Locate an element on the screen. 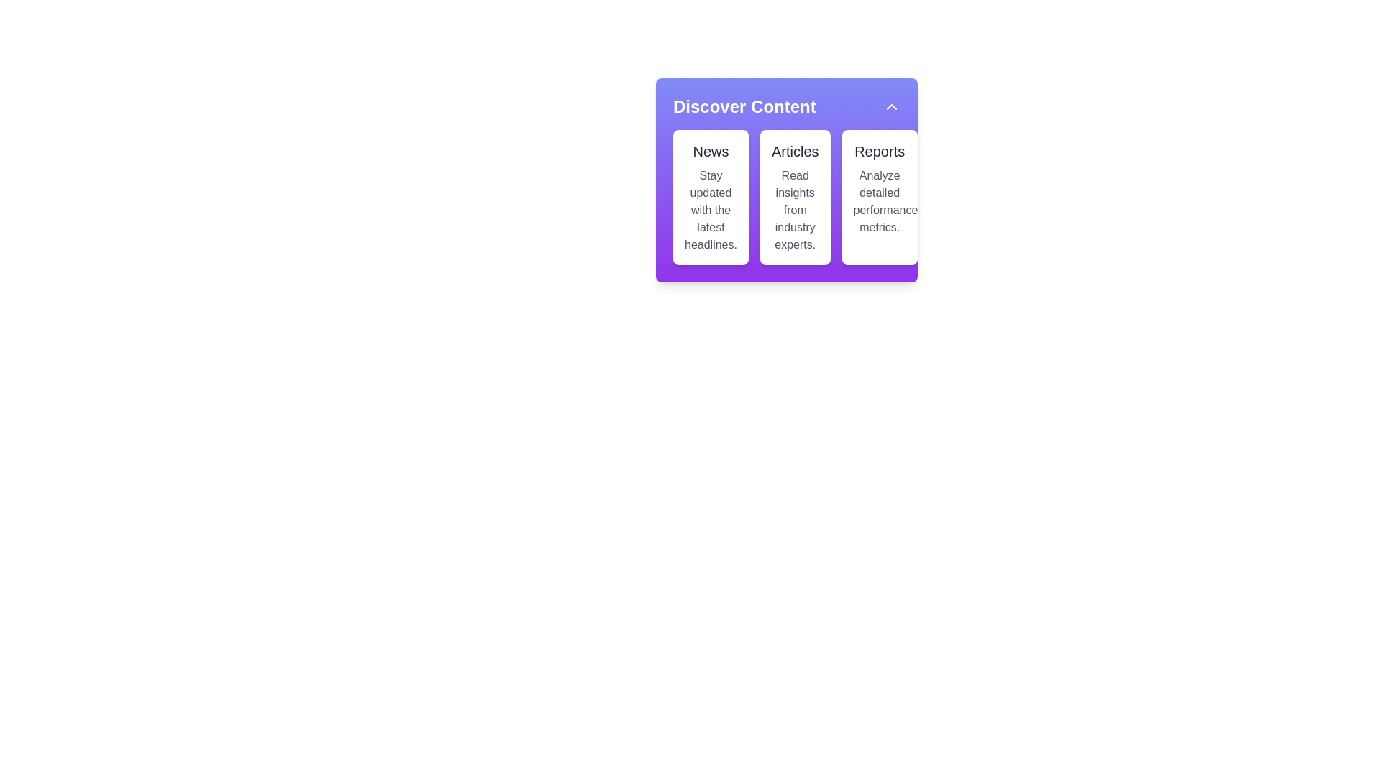 This screenshot has width=1381, height=776. text label displaying 'Reports' which is located in the last card of a horizontal sequence below the 'Discover Content' section is located at coordinates (879, 152).